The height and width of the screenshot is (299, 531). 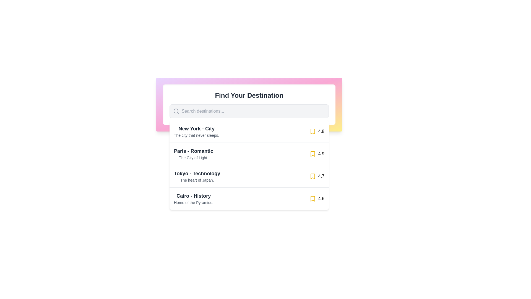 I want to click on the text label indicating the destination 'New York - City', which is the first item in the list under the search box titled 'Find Your Destination', so click(x=196, y=129).